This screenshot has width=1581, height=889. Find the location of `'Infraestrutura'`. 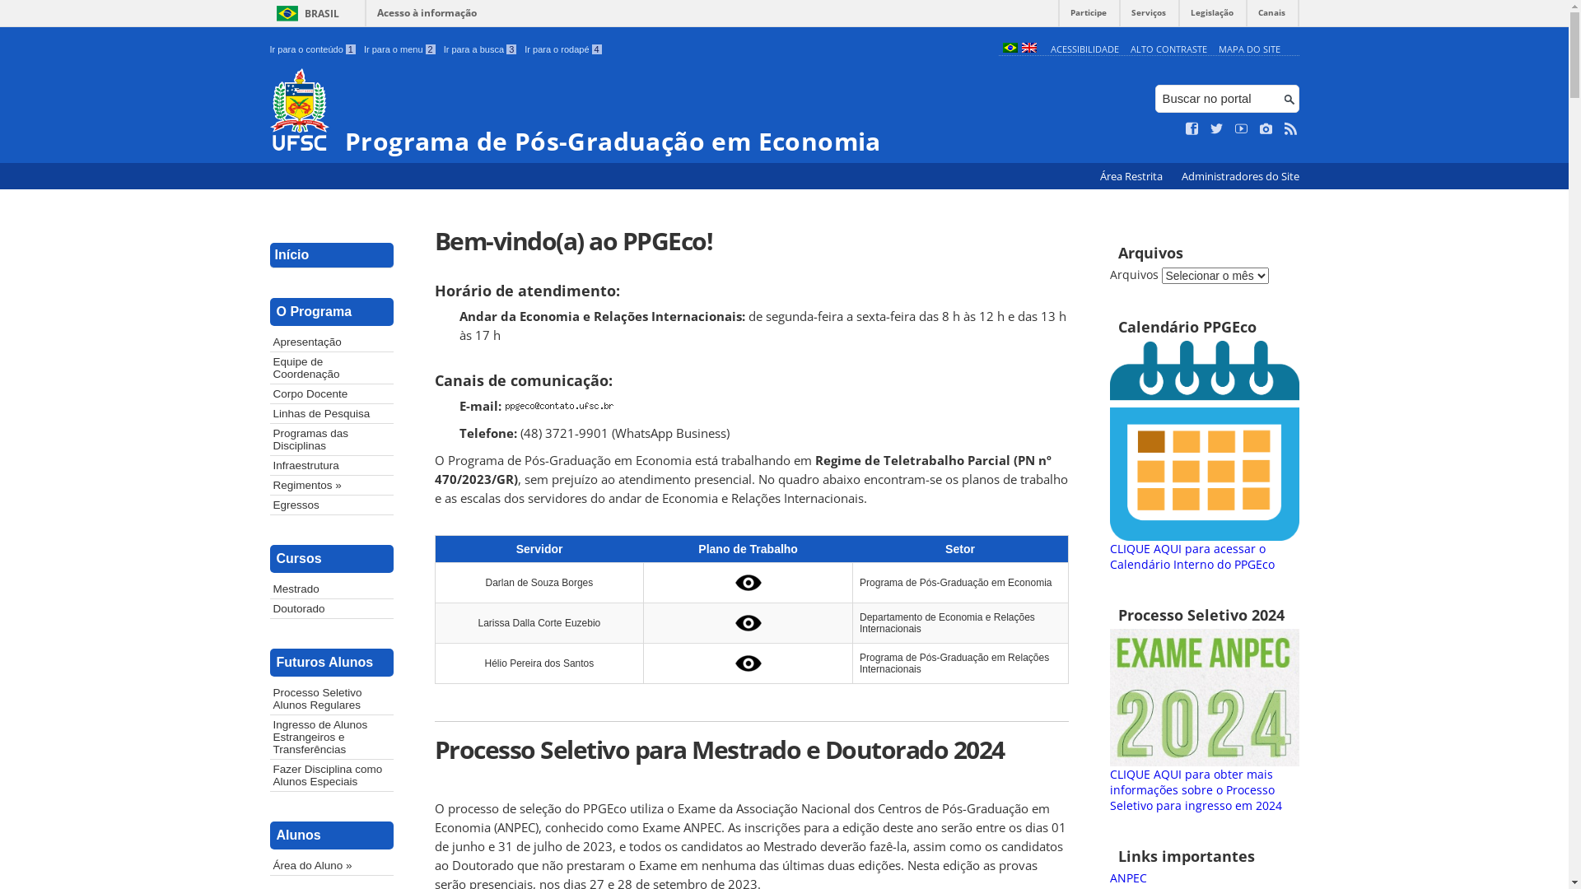

'Infraestrutura' is located at coordinates (331, 465).